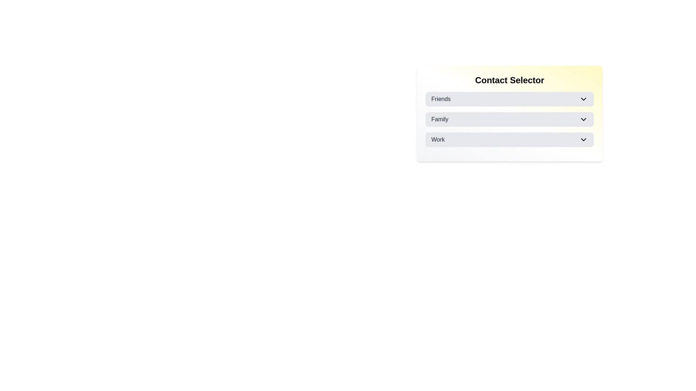  What do you see at coordinates (583, 99) in the screenshot?
I see `the downward-pointing chevron icon located in the 'Friends' section of the 'Contact Selector' component for possible hover effects` at bounding box center [583, 99].